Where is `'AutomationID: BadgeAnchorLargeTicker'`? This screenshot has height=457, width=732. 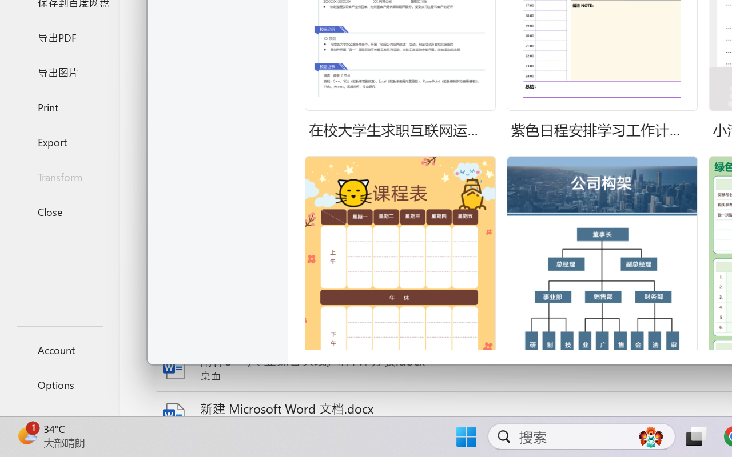
'AutomationID: BadgeAnchorLargeTicker' is located at coordinates (26, 435).